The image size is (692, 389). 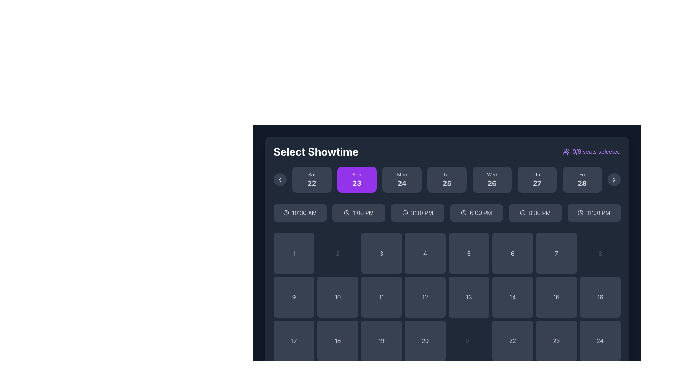 What do you see at coordinates (481, 212) in the screenshot?
I see `the static text element displaying '6:00 PM' within the button component` at bounding box center [481, 212].